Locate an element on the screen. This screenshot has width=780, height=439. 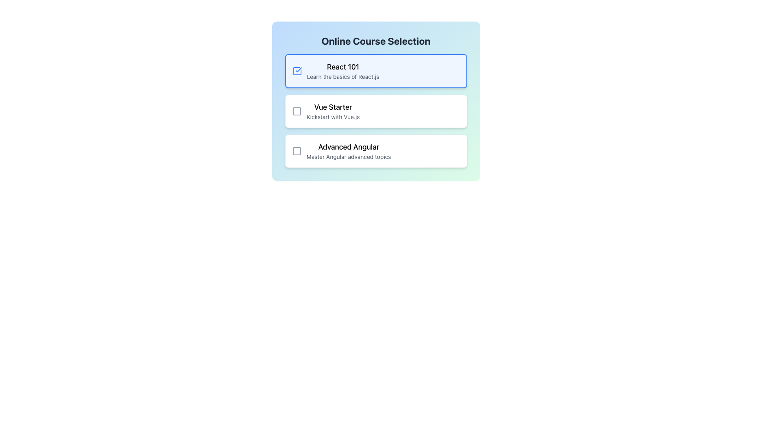
the text label displaying 'React 101' which is styled as a main heading in the 'Online Course Selection' interface is located at coordinates (343, 67).